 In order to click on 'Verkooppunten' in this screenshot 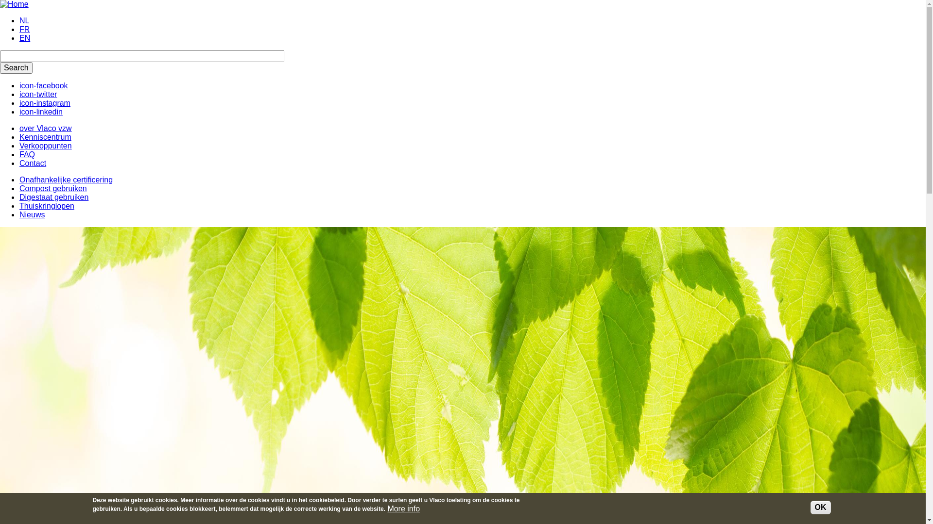, I will do `click(45, 146)`.